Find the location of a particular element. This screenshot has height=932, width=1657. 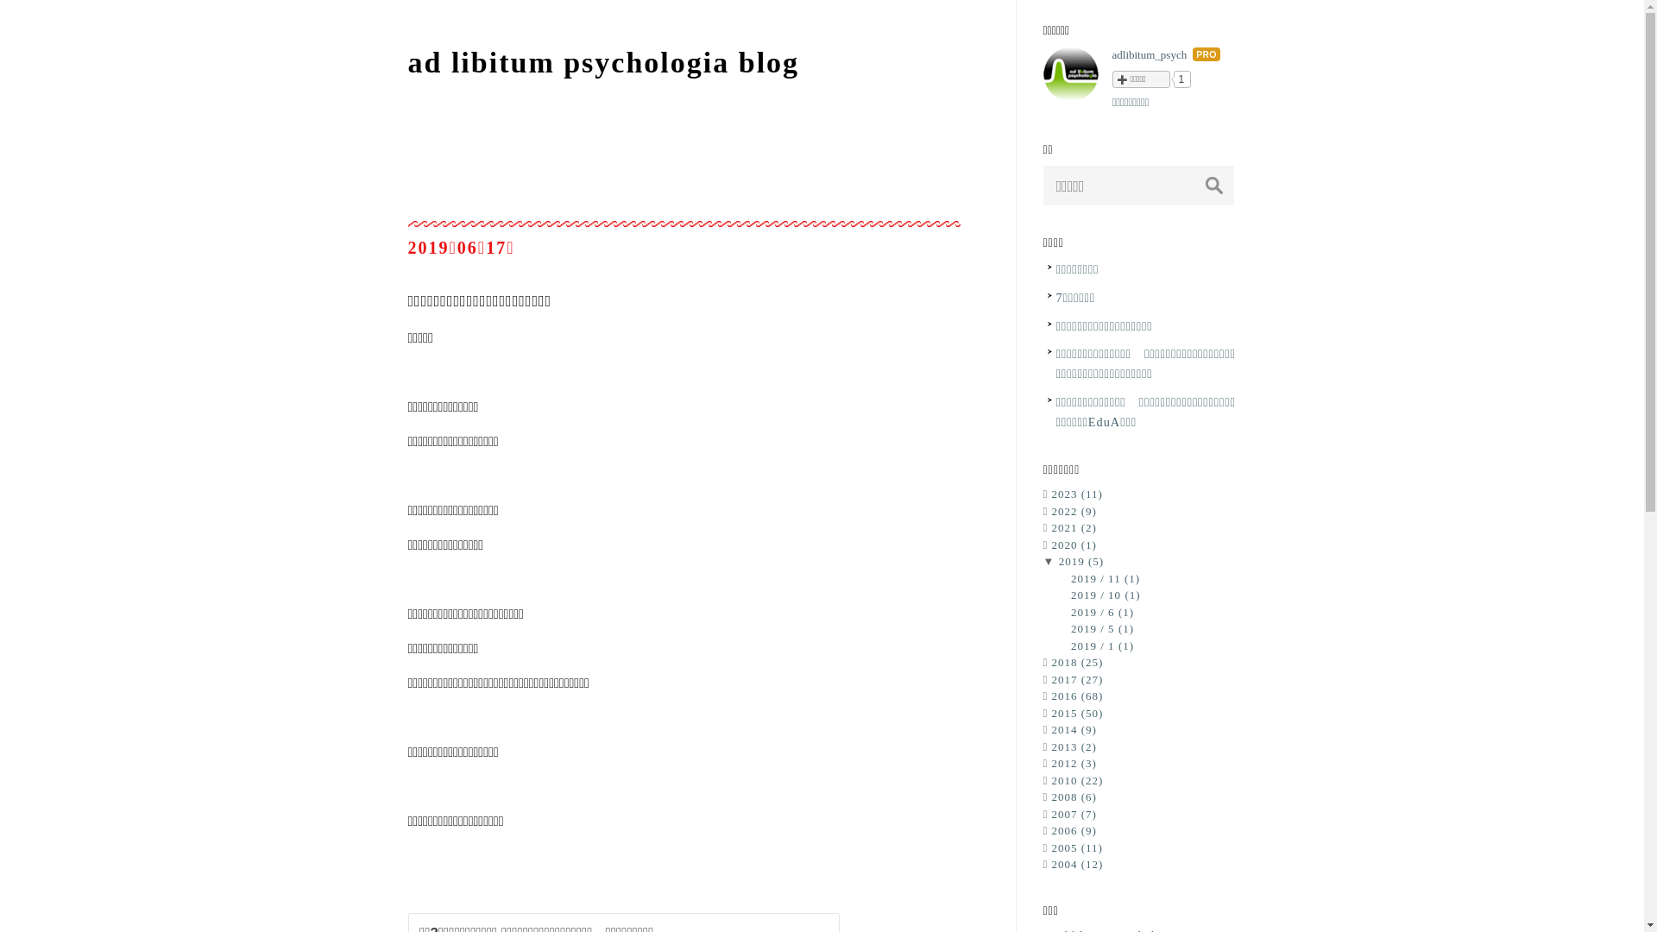

'2017 (27)' is located at coordinates (1050, 678).